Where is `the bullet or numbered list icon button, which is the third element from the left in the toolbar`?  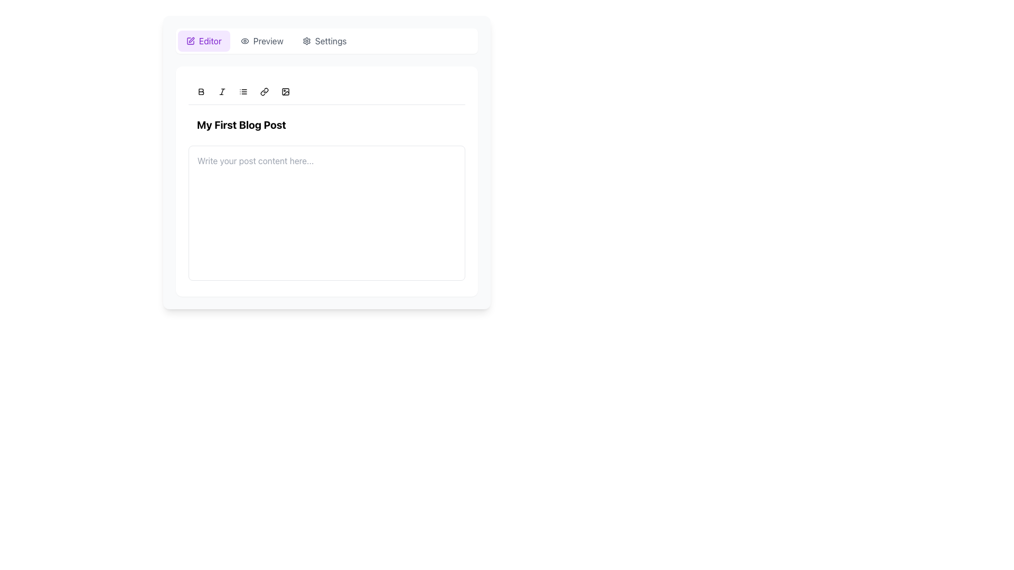 the bullet or numbered list icon button, which is the third element from the left in the toolbar is located at coordinates (242, 91).